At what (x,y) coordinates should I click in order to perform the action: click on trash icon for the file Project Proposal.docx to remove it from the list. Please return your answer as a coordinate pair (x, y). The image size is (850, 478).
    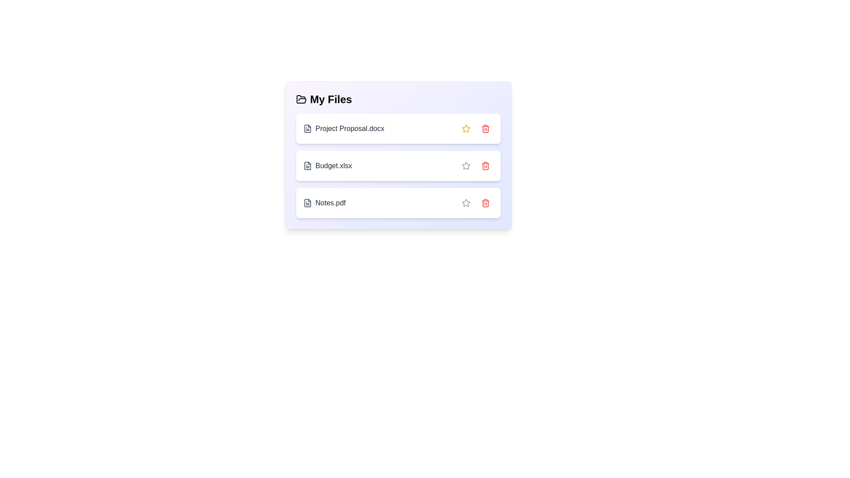
    Looking at the image, I should click on (485, 128).